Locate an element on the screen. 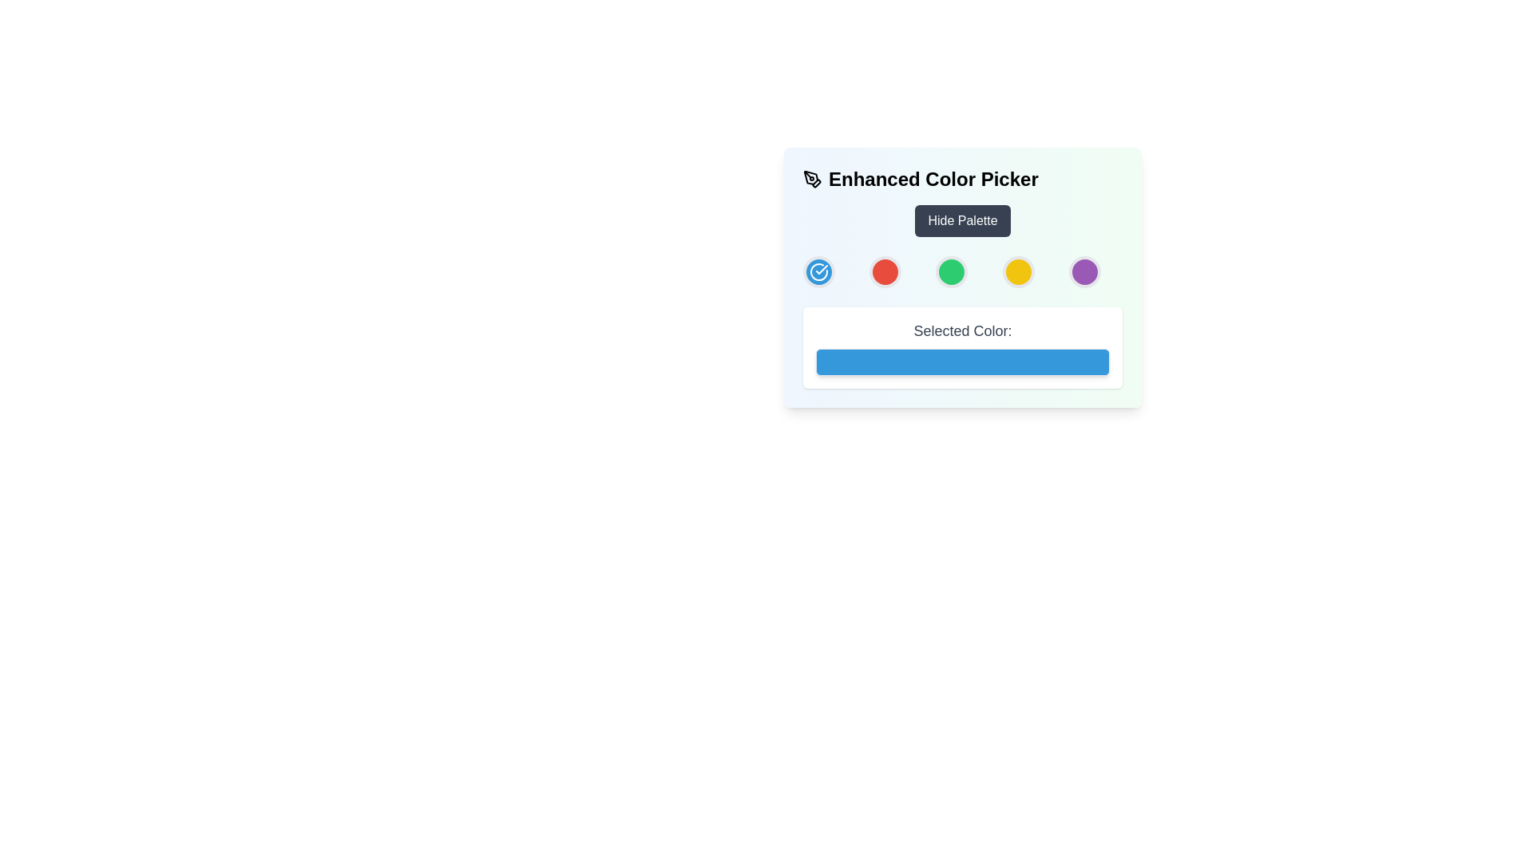  the small pen tool icon located to the left of the 'Enhanced Color Picker' text, which is situated at the top-left corner of the card is located at coordinates (812, 179).